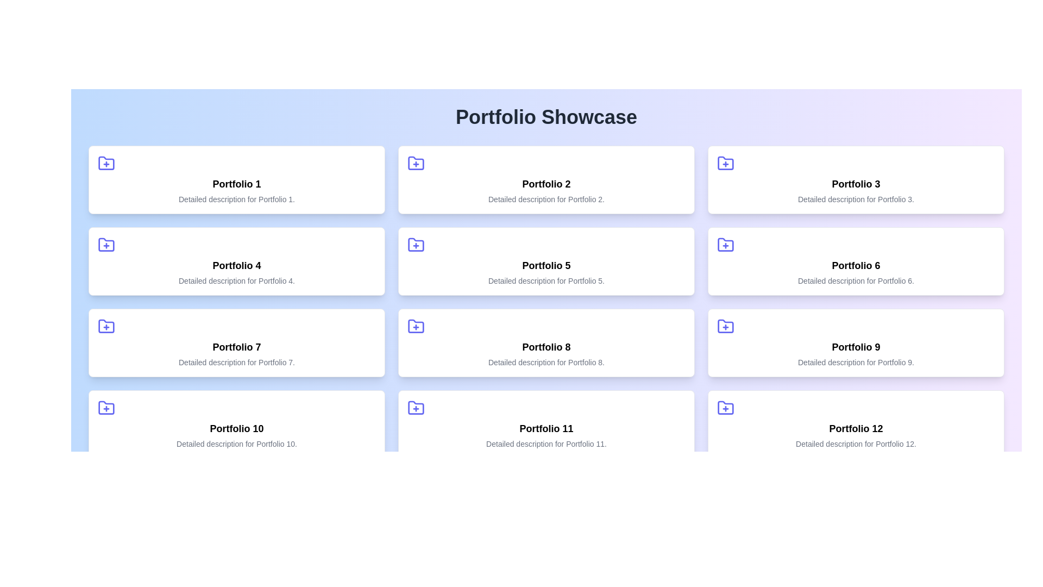 The width and height of the screenshot is (1043, 587). What do you see at coordinates (106, 163) in the screenshot?
I see `the SVG icon button resembling a folder with a plus sign located in the top-left corner of the 'Portfolio 1' card` at bounding box center [106, 163].